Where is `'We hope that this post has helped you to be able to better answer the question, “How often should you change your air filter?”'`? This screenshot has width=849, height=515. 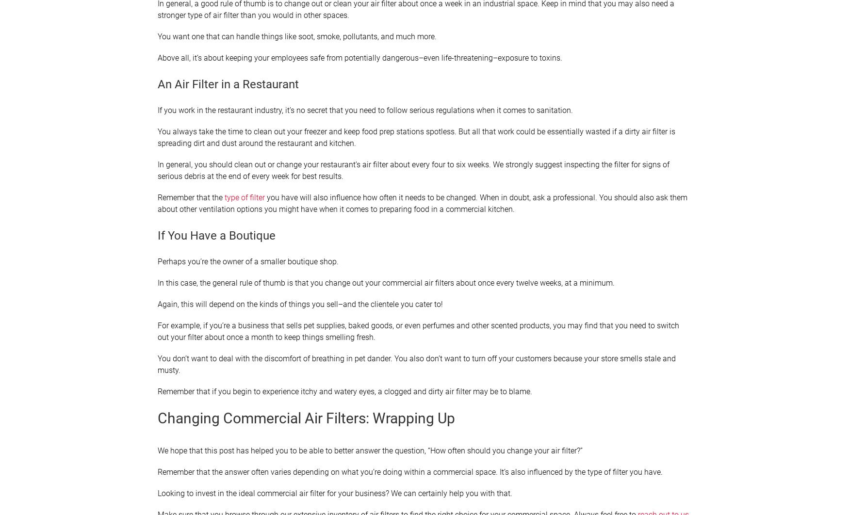
'We hope that this post has helped you to be able to better answer the question, “How often should you change your air filter?”' is located at coordinates (157, 450).